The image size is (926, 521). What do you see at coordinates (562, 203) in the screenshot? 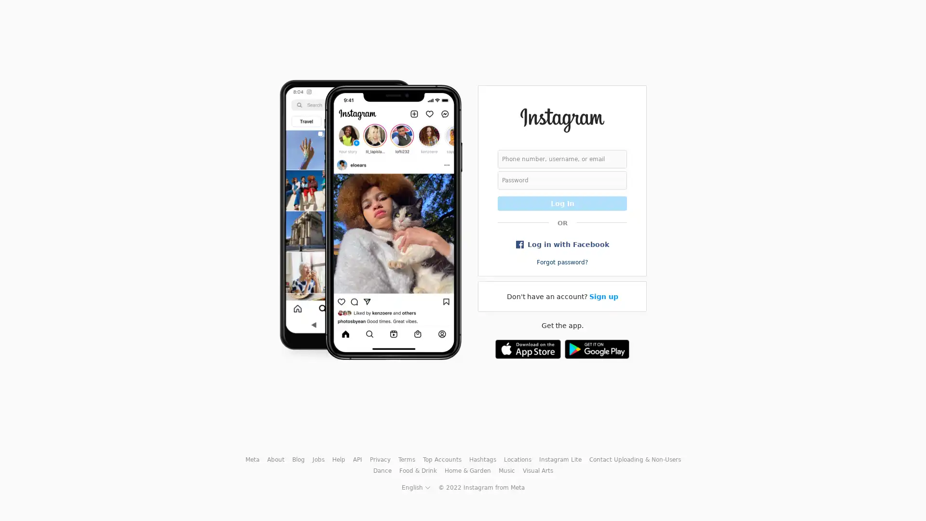
I see `Log In` at bounding box center [562, 203].